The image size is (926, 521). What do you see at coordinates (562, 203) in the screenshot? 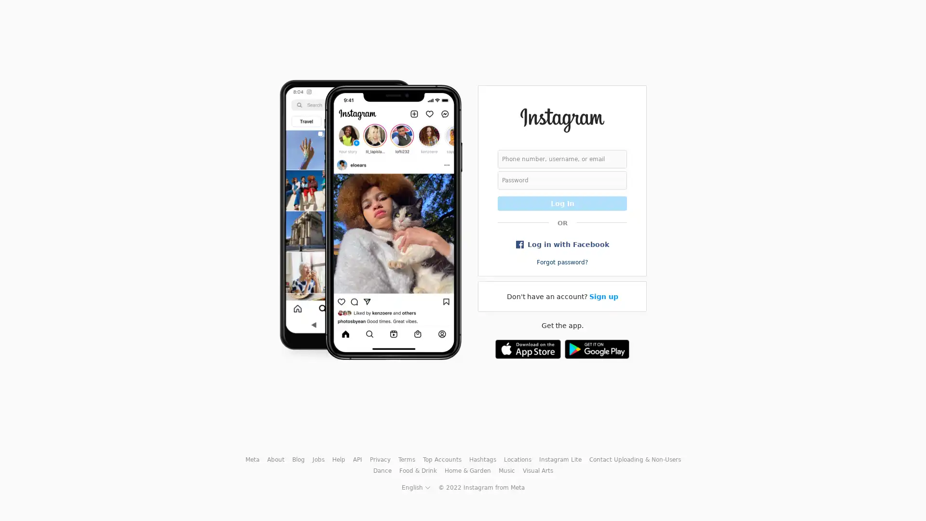
I see `Log In` at bounding box center [562, 203].